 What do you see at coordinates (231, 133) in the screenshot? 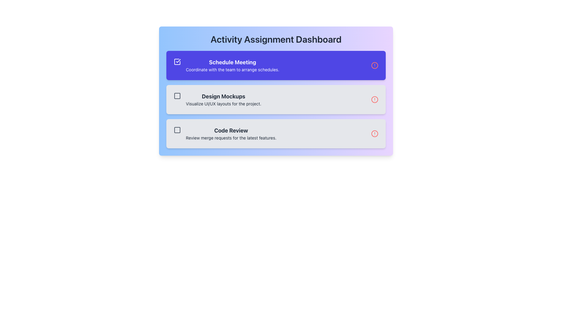
I see `the third task item` at bounding box center [231, 133].